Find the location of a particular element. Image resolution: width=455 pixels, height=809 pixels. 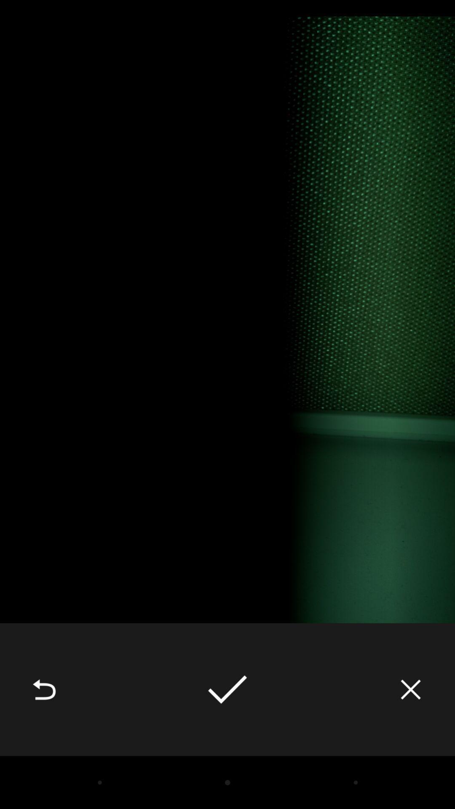

item at the bottom left corner is located at coordinates (44, 689).